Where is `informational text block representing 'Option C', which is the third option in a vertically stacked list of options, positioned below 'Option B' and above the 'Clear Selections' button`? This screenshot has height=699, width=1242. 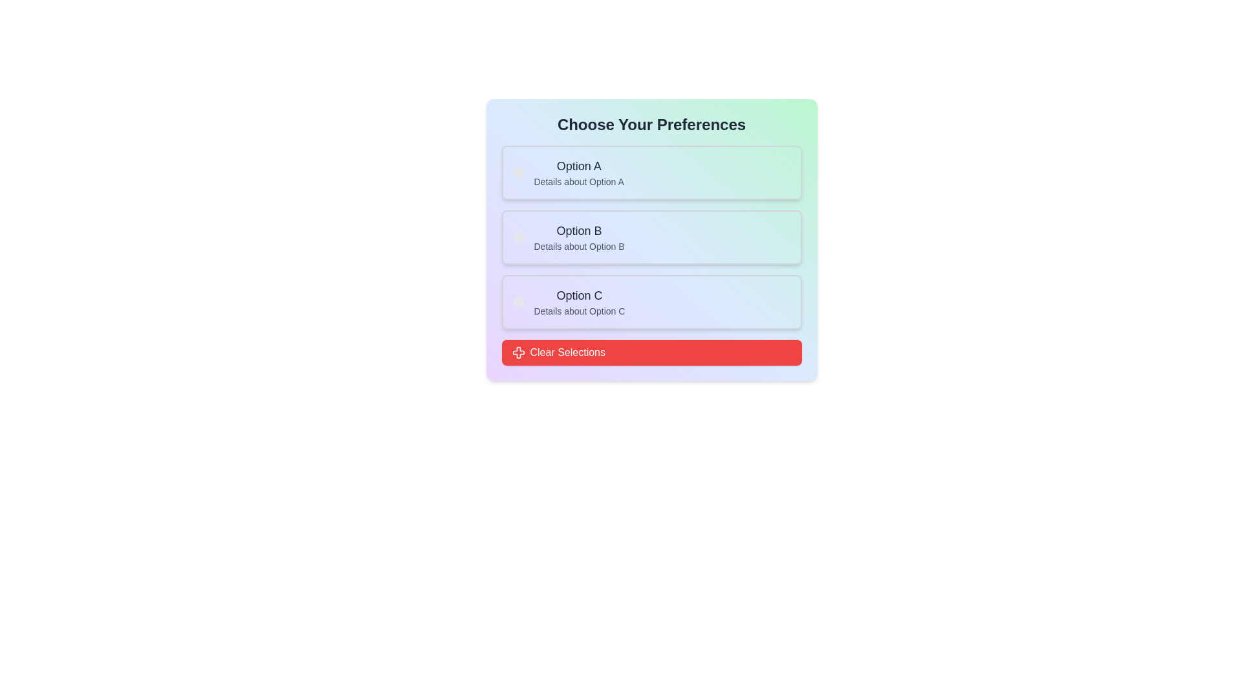 informational text block representing 'Option C', which is the third option in a vertically stacked list of options, positioned below 'Option B' and above the 'Clear Selections' button is located at coordinates (578, 302).